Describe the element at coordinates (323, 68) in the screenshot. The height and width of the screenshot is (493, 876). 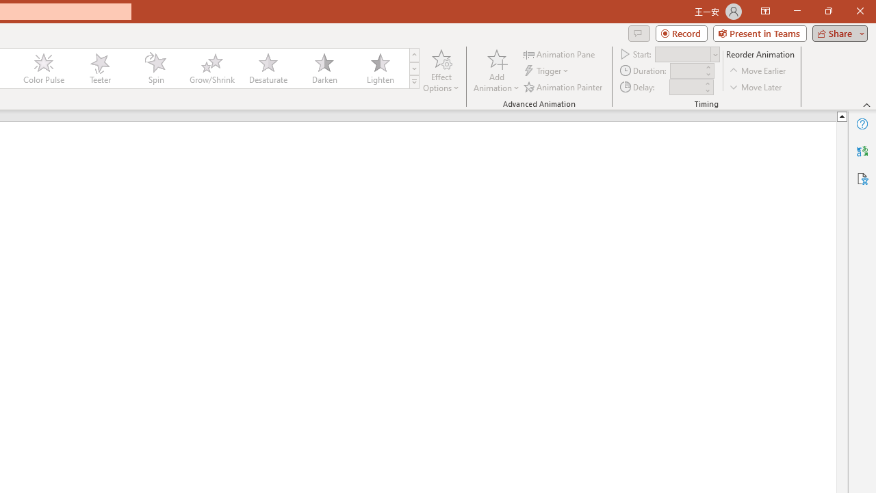
I see `'Darken'` at that location.